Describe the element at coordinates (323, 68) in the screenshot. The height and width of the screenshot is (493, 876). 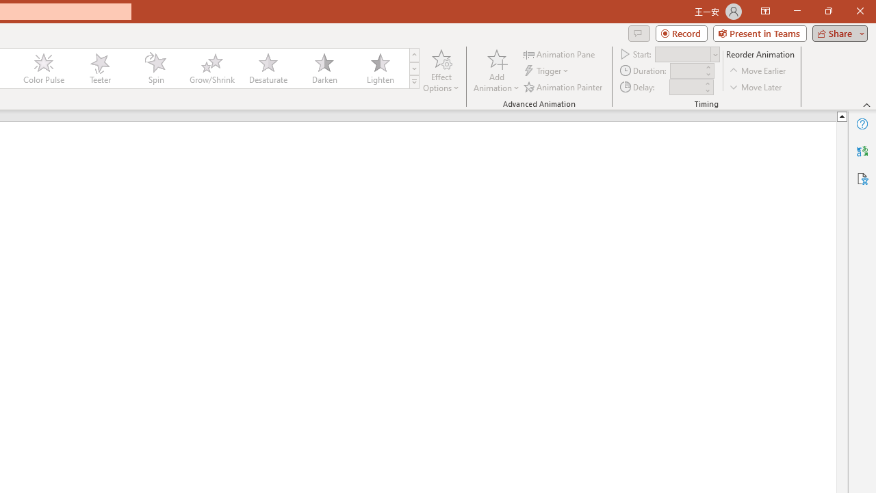
I see `'Darken'` at that location.